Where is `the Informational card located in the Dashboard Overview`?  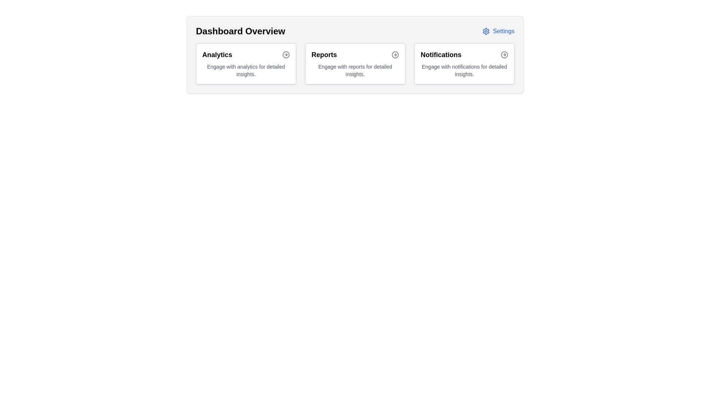
the Informational card located in the Dashboard Overview is located at coordinates (464, 63).